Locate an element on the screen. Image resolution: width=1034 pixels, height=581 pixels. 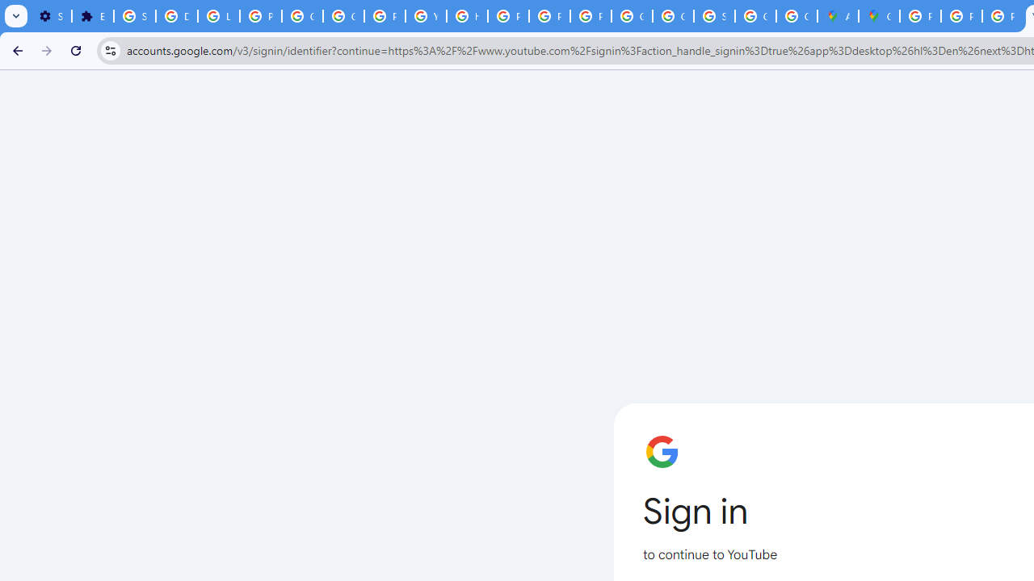
'Policy Accountability and Transparency - Transparency Center' is located at coordinates (920, 16).